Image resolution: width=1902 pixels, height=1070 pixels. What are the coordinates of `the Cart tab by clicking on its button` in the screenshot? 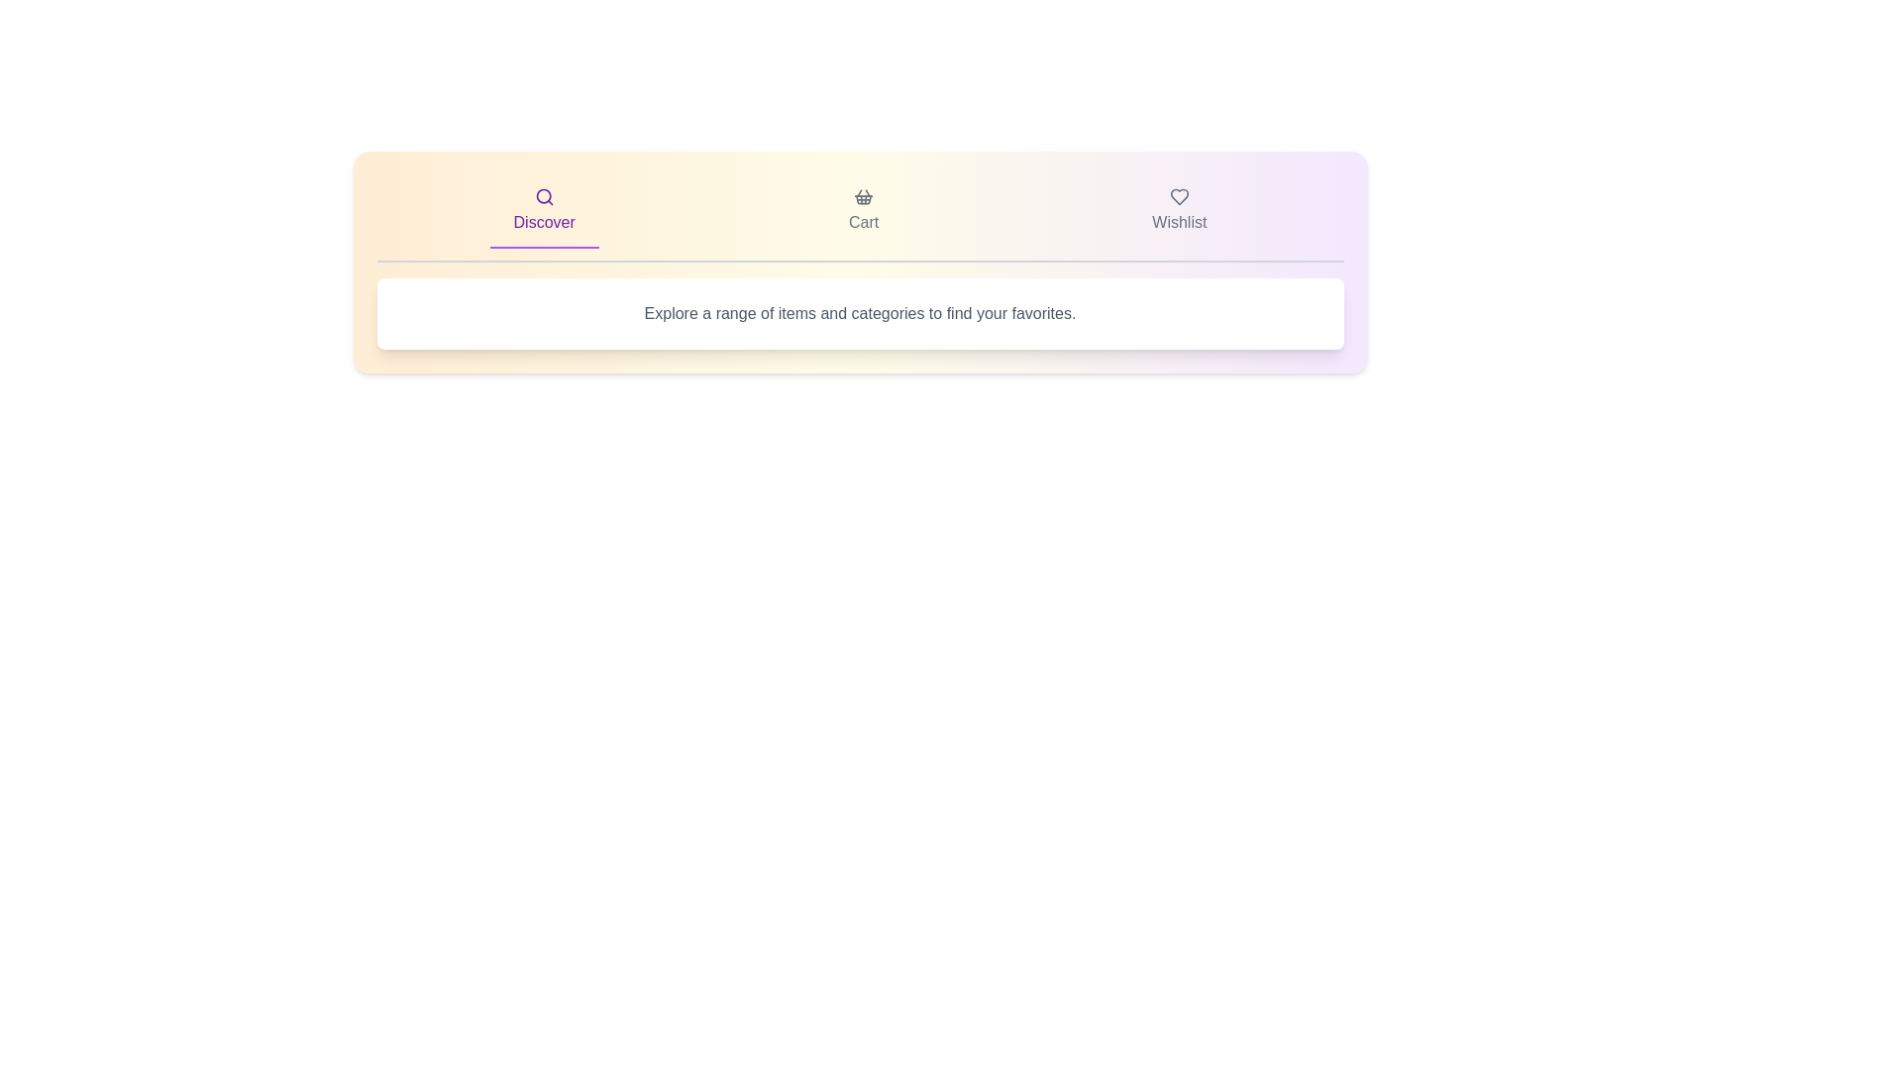 It's located at (864, 211).